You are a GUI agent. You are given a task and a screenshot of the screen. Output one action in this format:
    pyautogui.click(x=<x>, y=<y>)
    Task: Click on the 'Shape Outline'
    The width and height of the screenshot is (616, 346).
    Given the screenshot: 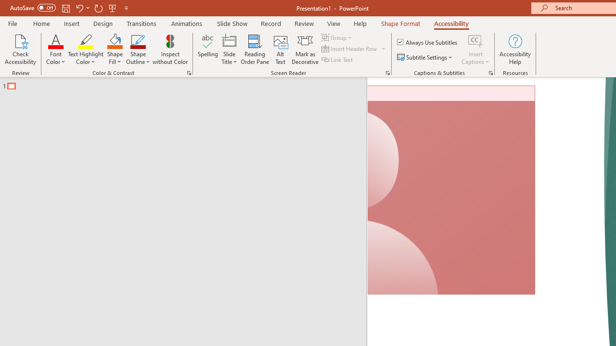 What is the action you would take?
    pyautogui.click(x=138, y=49)
    